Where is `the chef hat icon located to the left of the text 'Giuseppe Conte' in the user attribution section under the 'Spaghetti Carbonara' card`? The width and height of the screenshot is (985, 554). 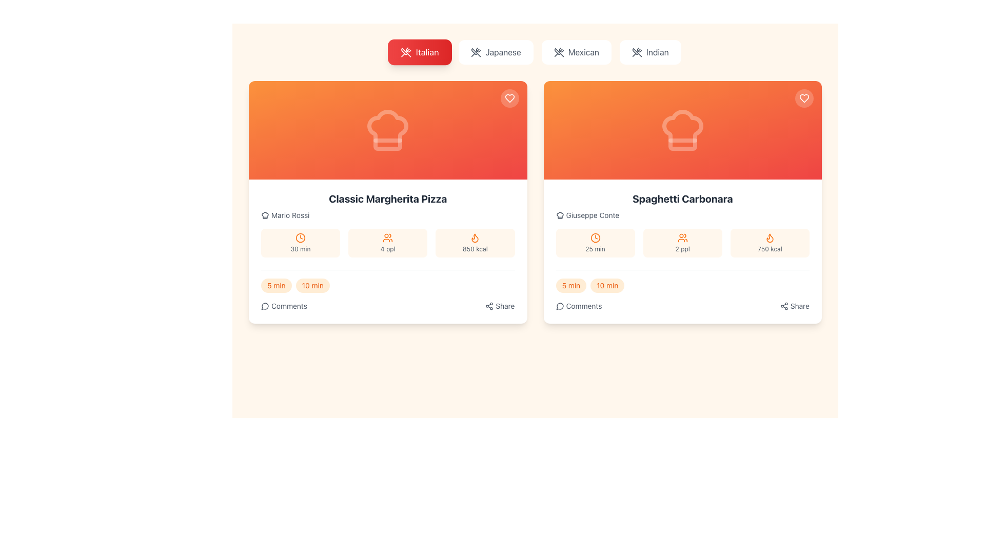
the chef hat icon located to the left of the text 'Giuseppe Conte' in the user attribution section under the 'Spaghetti Carbonara' card is located at coordinates (559, 215).